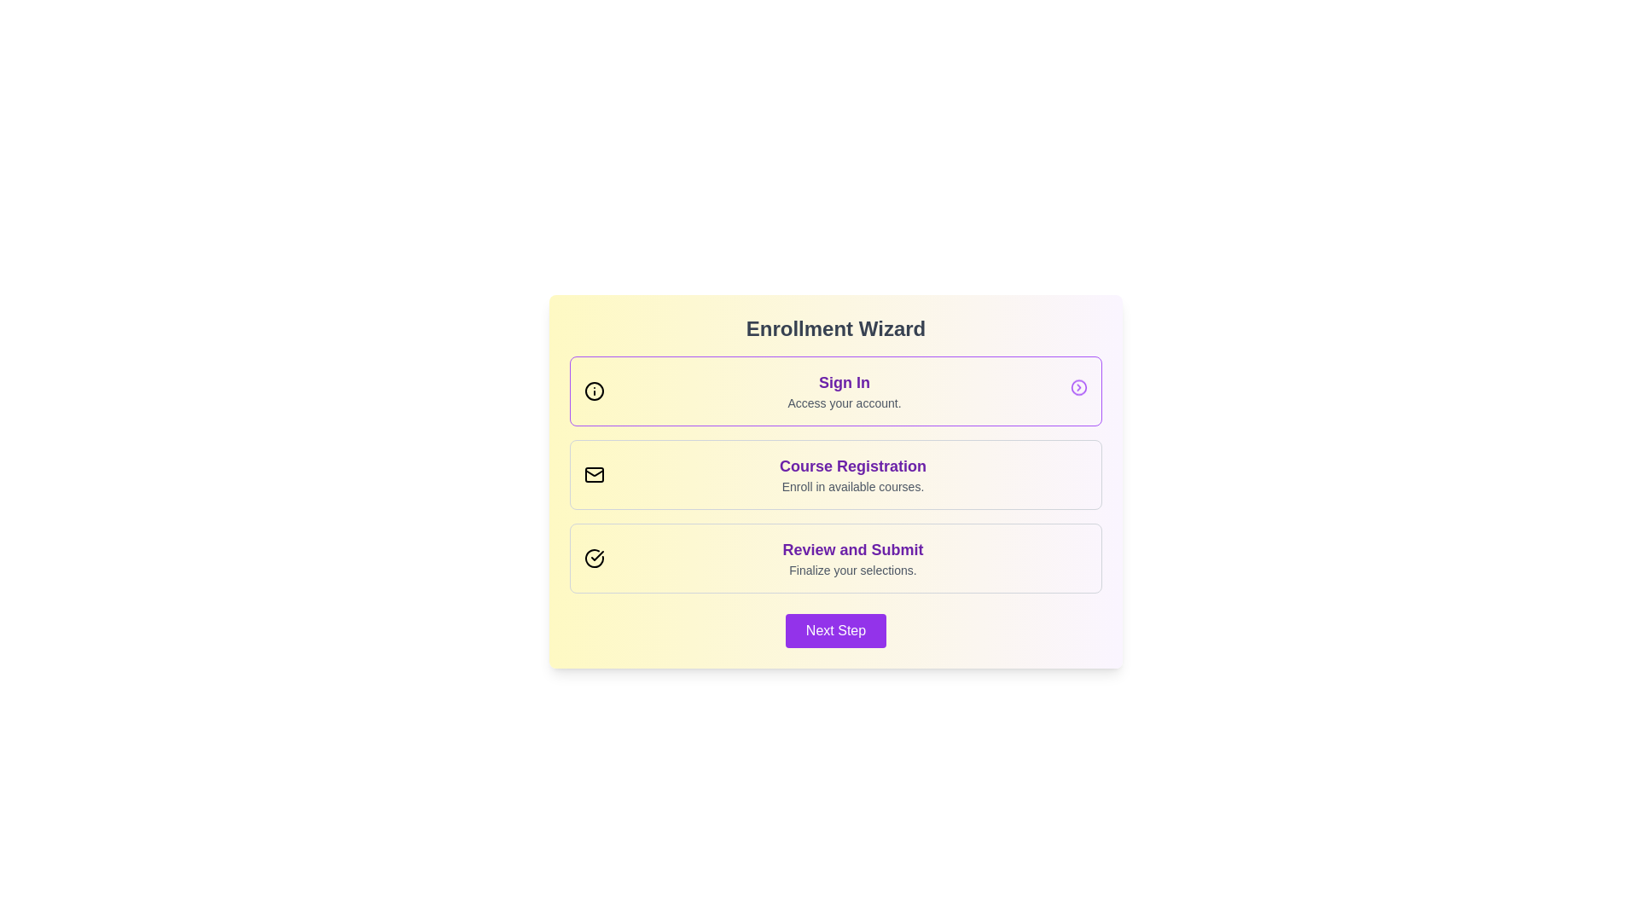 The width and height of the screenshot is (1638, 921). Describe the element at coordinates (835, 631) in the screenshot. I see `the rectangular purple button labeled 'Next Step', which is located below the 'Review and Submit' section in the 'Enrollment Wizard' interface, to change its color` at that location.